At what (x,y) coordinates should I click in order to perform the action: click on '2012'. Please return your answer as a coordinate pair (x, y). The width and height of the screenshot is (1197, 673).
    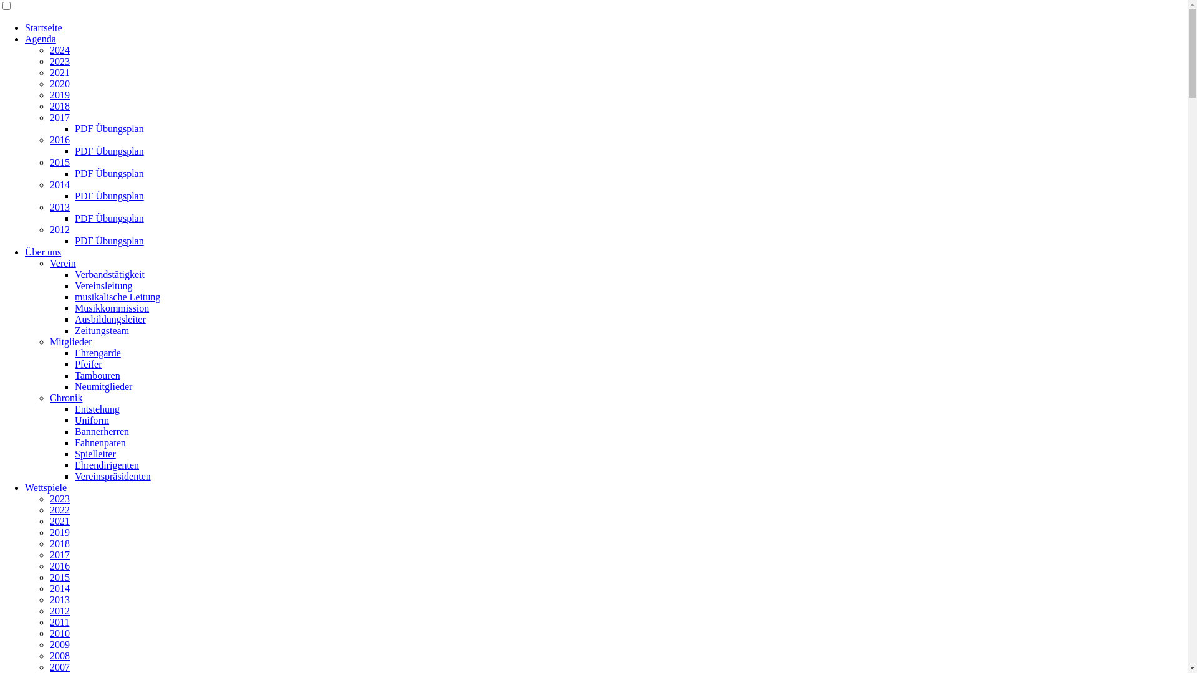
    Looking at the image, I should click on (50, 610).